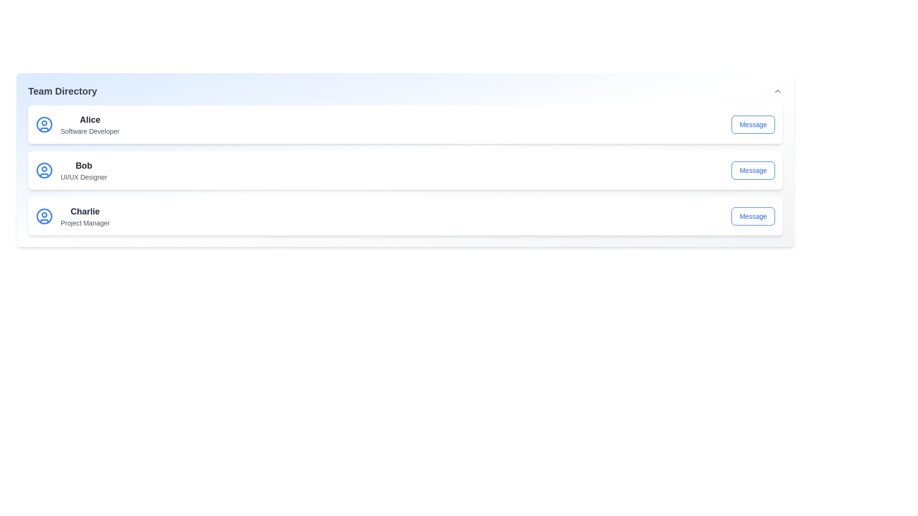 Image resolution: width=918 pixels, height=516 pixels. What do you see at coordinates (85, 223) in the screenshot?
I see `the text label displaying 'Project Manager' in small, gray text located beneath 'Charlie' in the team directory interface` at bounding box center [85, 223].